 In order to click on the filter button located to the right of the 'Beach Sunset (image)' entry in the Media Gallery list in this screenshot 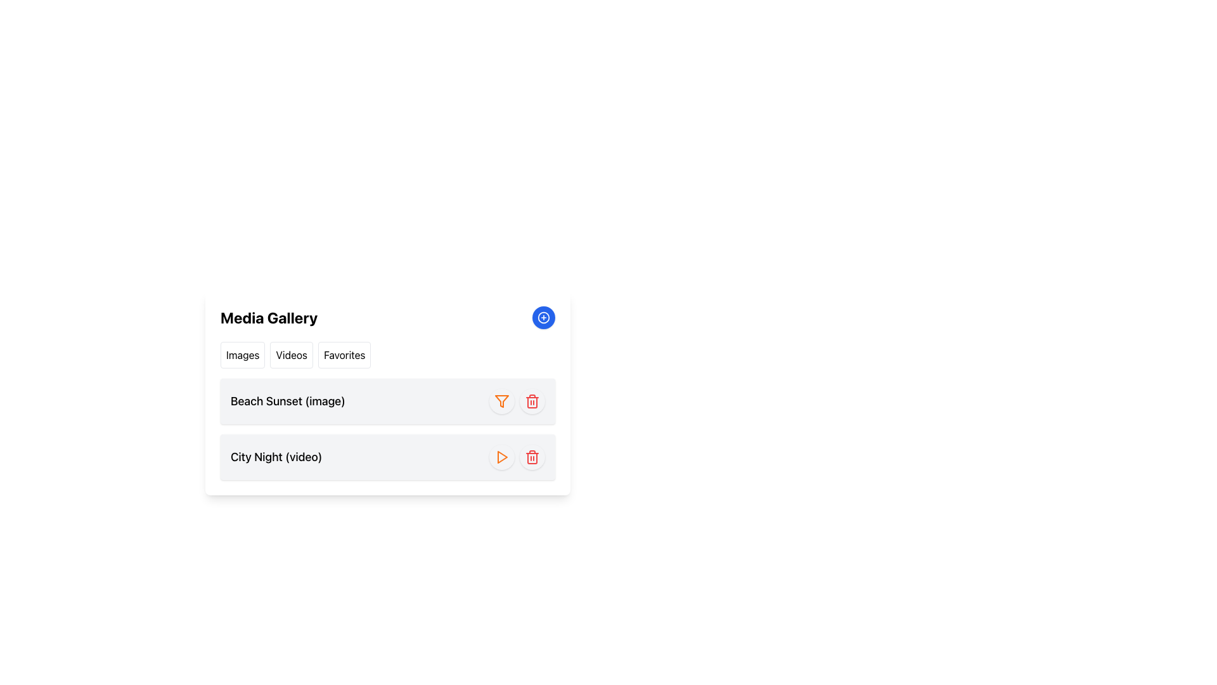, I will do `click(501, 401)`.